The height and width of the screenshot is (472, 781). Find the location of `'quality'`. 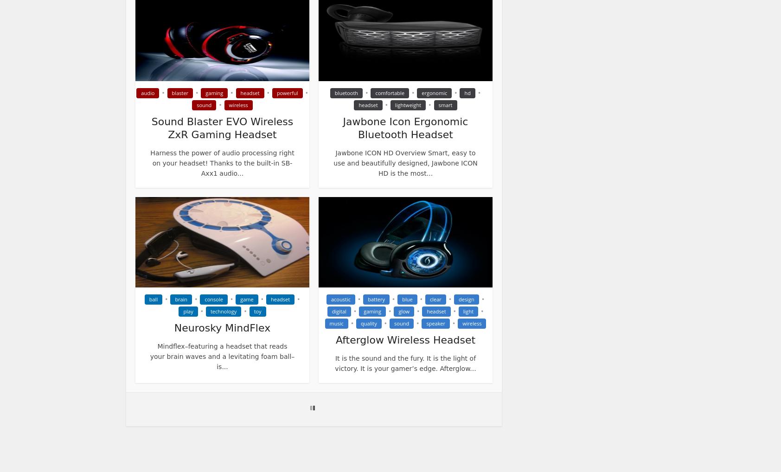

'quality' is located at coordinates (369, 323).